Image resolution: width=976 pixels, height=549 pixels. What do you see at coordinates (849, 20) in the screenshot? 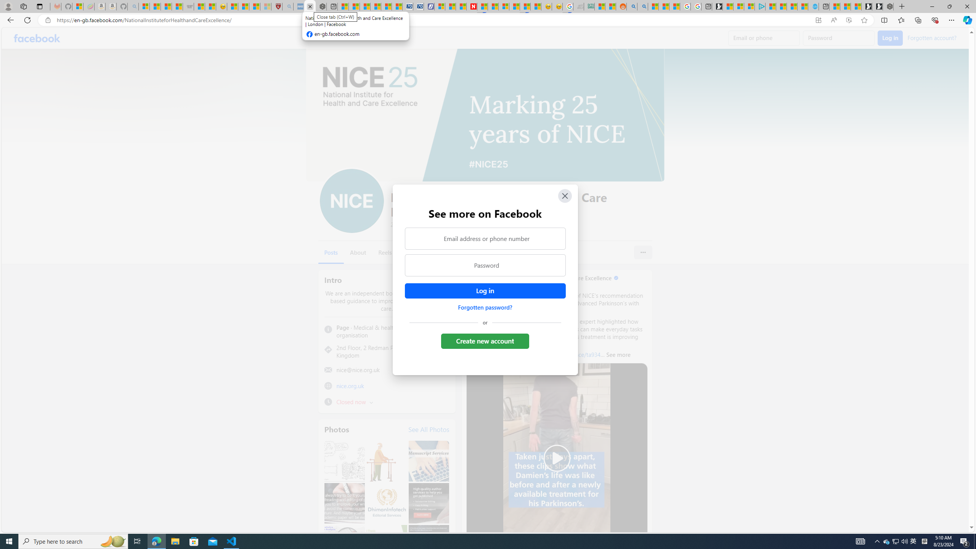
I see `'Enhance video'` at bounding box center [849, 20].